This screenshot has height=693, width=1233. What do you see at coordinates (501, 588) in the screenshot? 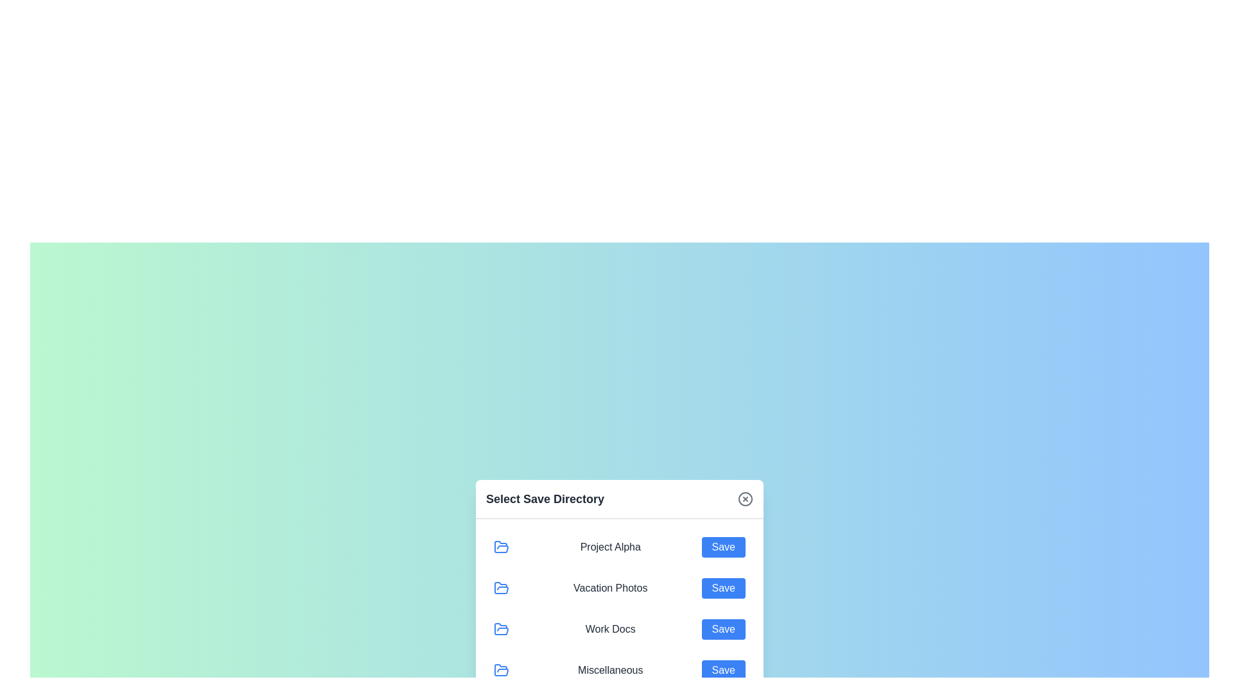
I see `the directory icon for Vacation Photos` at bounding box center [501, 588].